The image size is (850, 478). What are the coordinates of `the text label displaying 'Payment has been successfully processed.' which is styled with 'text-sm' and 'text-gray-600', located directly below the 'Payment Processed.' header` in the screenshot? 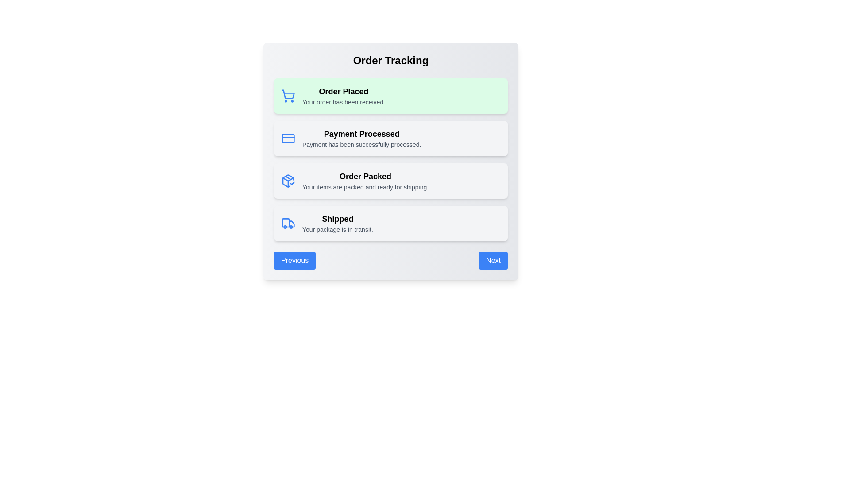 It's located at (362, 144).